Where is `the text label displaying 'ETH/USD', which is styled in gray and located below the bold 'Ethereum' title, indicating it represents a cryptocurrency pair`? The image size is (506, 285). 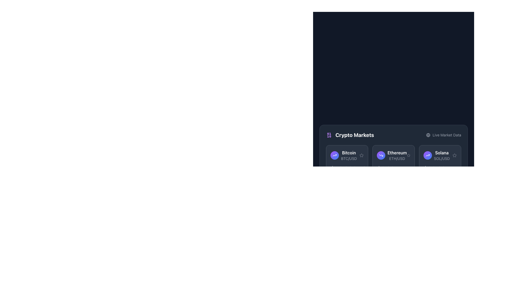
the text label displaying 'ETH/USD', which is styled in gray and located below the bold 'Ethereum' title, indicating it represents a cryptocurrency pair is located at coordinates (397, 158).